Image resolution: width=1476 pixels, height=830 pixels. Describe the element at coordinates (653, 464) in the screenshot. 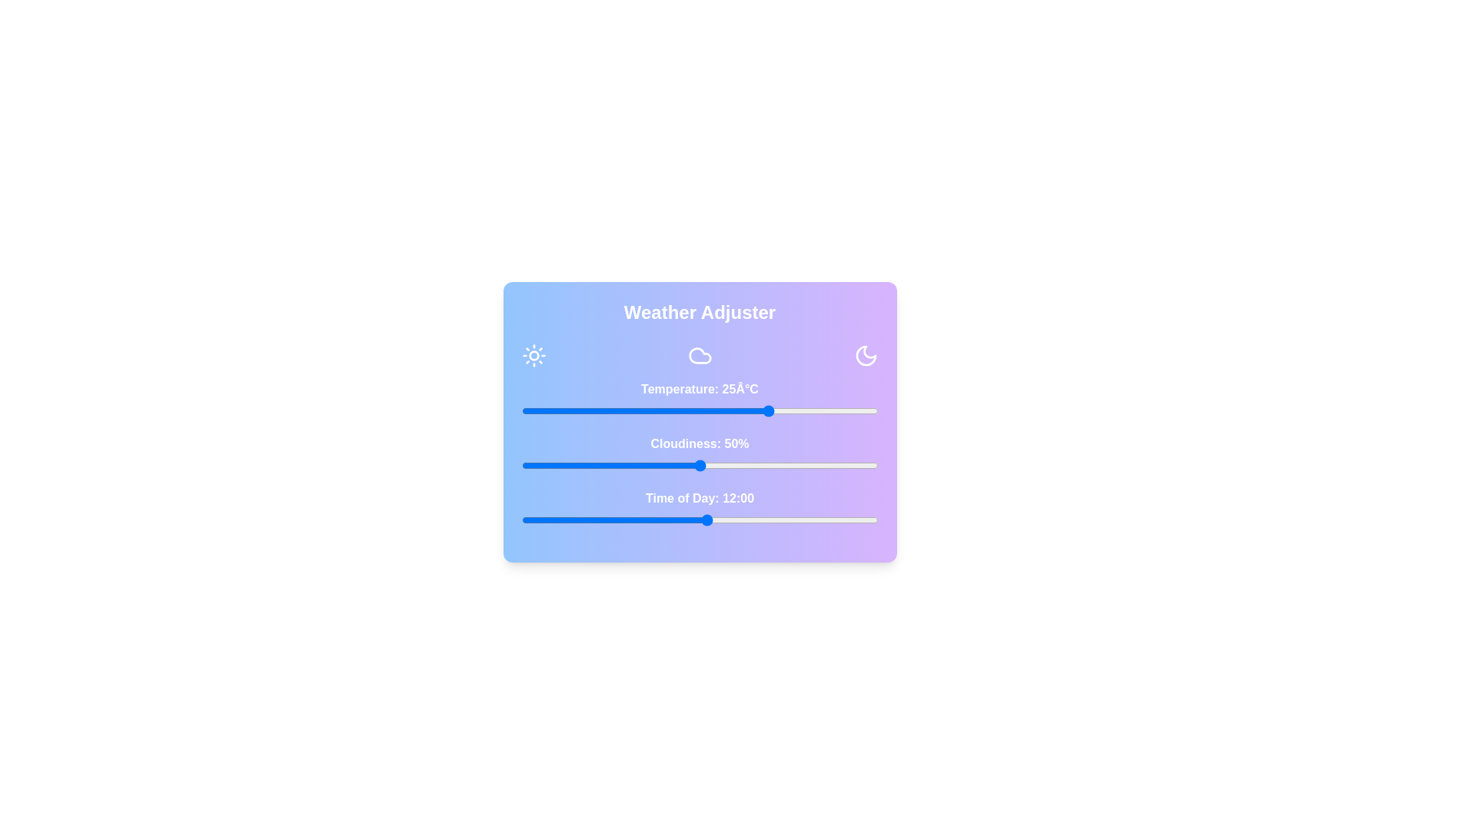

I see `the cloudiness level` at that location.